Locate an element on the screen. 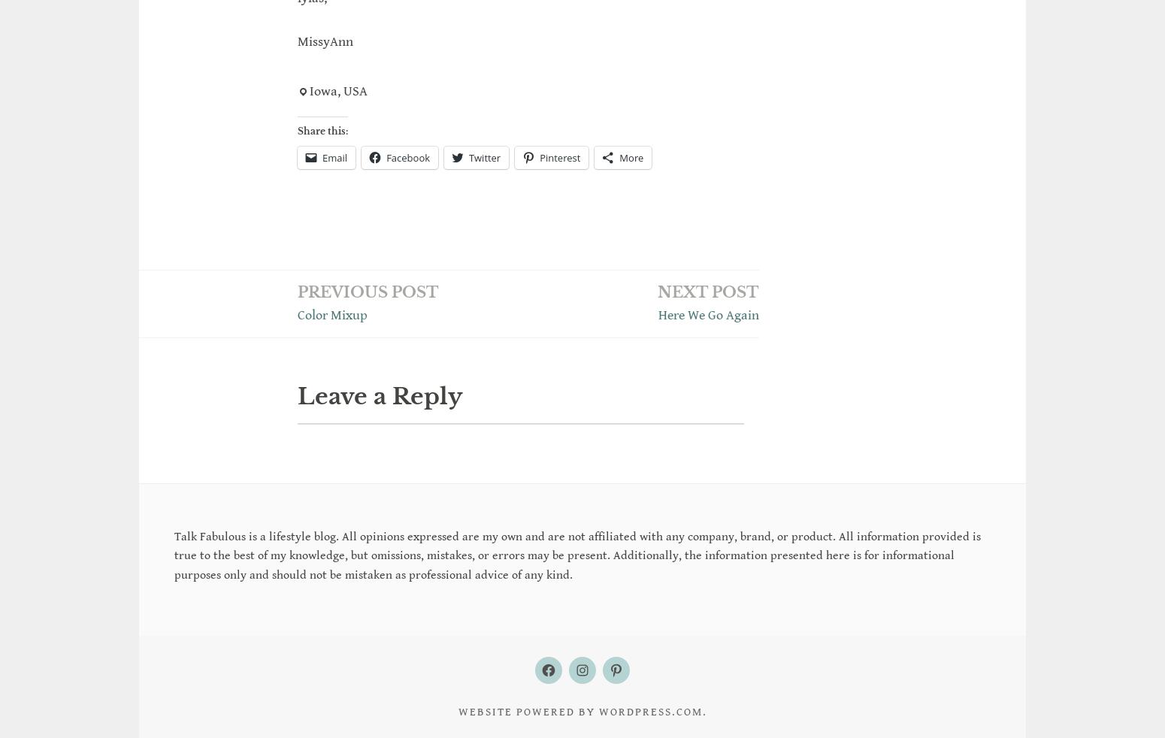  'Email' is located at coordinates (322, 156).